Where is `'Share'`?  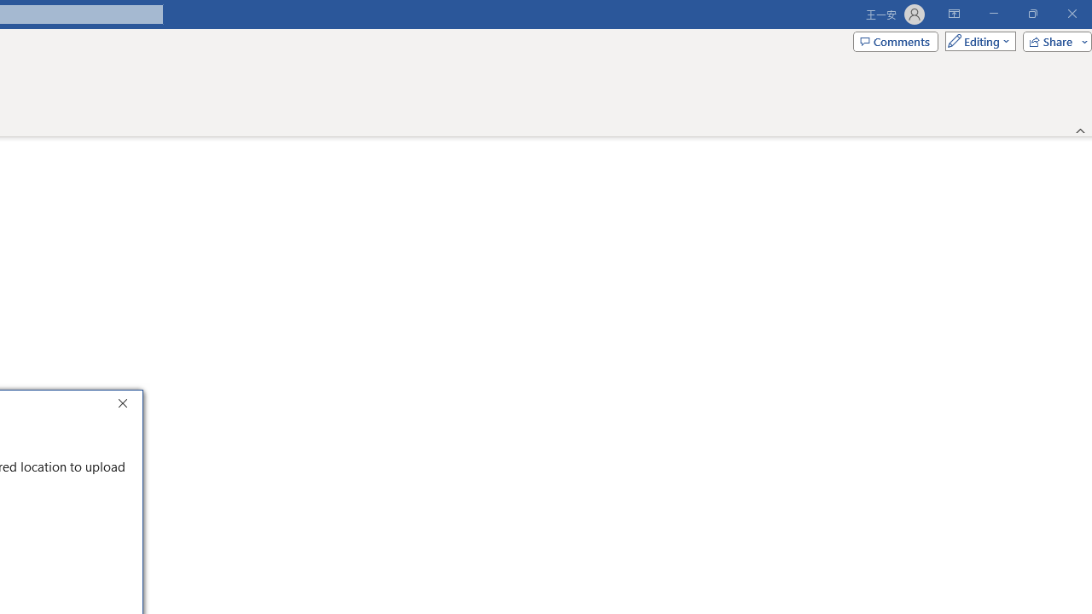 'Share' is located at coordinates (1053, 40).